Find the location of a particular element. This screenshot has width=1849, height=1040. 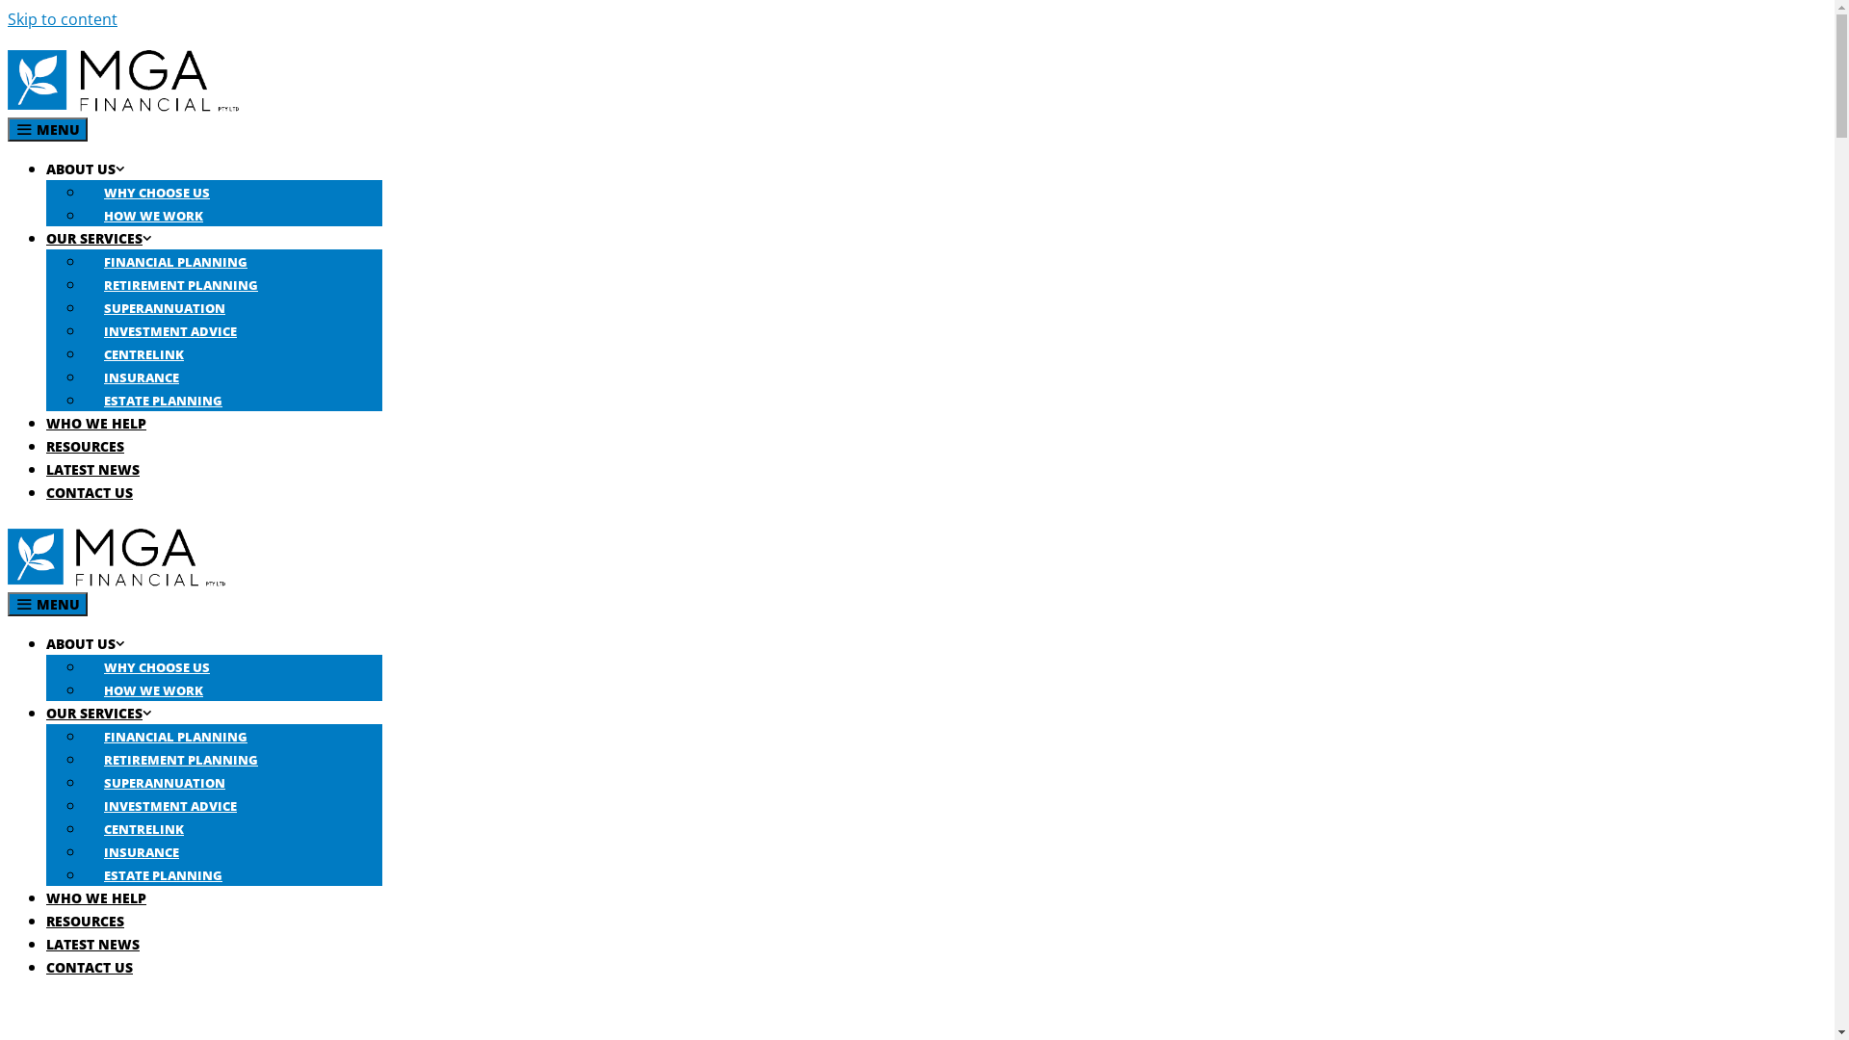

'WHO WE HELP' is located at coordinates (95, 422).